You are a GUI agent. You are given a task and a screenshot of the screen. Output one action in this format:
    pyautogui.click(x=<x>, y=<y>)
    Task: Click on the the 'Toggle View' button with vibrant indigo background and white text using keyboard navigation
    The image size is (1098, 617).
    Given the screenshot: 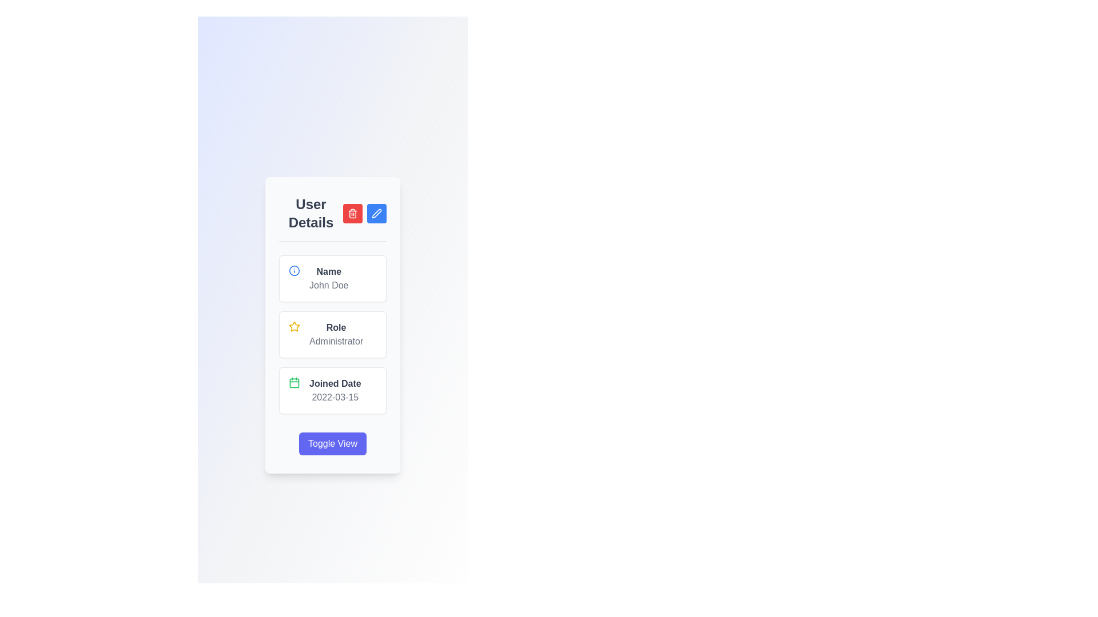 What is the action you would take?
    pyautogui.click(x=332, y=443)
    